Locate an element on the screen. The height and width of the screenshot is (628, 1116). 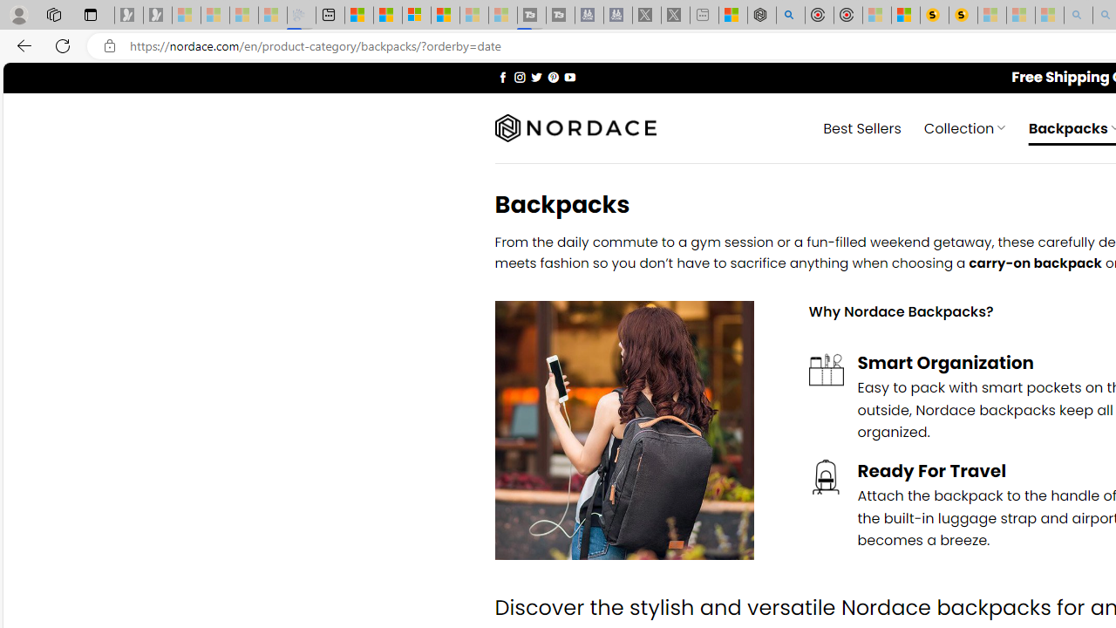
'Newsletter Sign Up - Sleeping' is located at coordinates (158, 15).